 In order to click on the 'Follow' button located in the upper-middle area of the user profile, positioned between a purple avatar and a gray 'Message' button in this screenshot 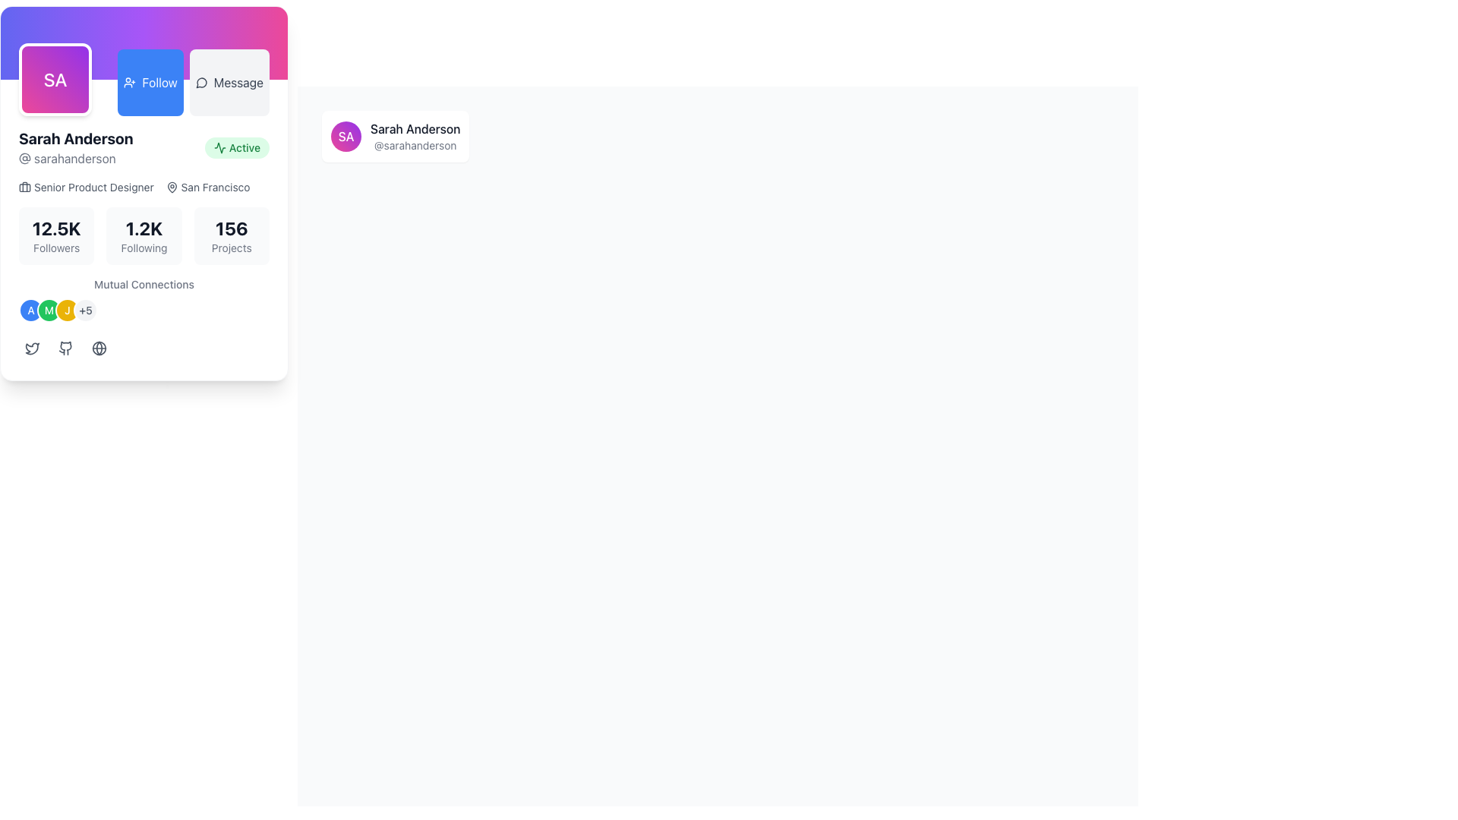, I will do `click(144, 79)`.